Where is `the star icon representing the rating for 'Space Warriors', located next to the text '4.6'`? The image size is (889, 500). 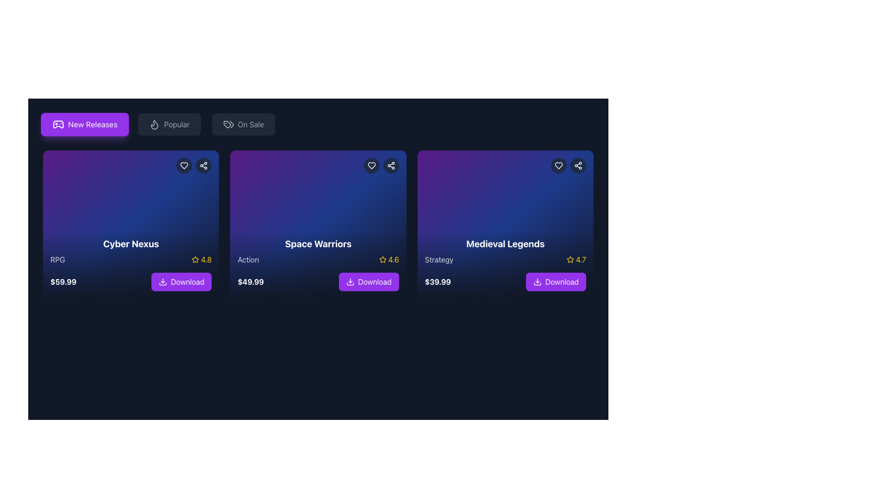
the star icon representing the rating for 'Space Warriors', located next to the text '4.6' is located at coordinates (382, 259).